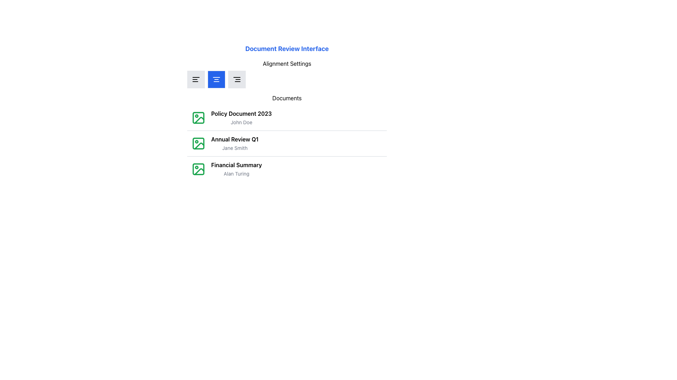 This screenshot has height=380, width=677. What do you see at coordinates (235, 143) in the screenshot?
I see `on the 'Annual Review Q1' text display, which is located in the second row of a vertical list` at bounding box center [235, 143].